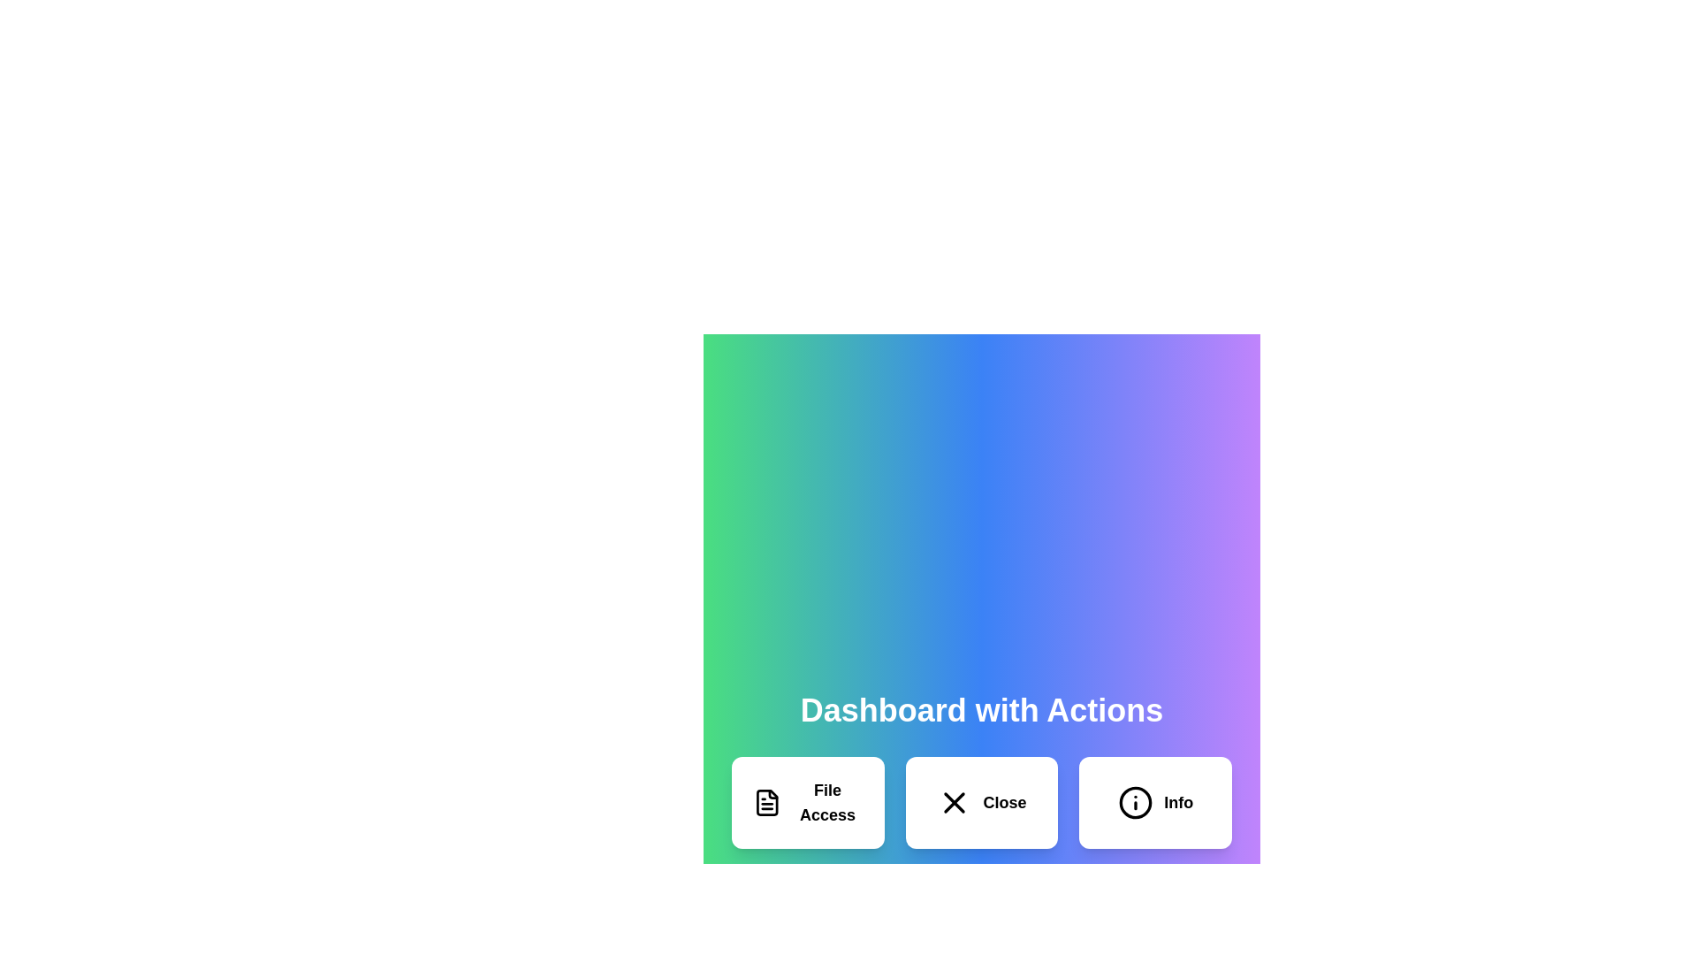 The image size is (1697, 955). I want to click on the interactive information button located in the third column of a grid layout, so click(1155, 802).